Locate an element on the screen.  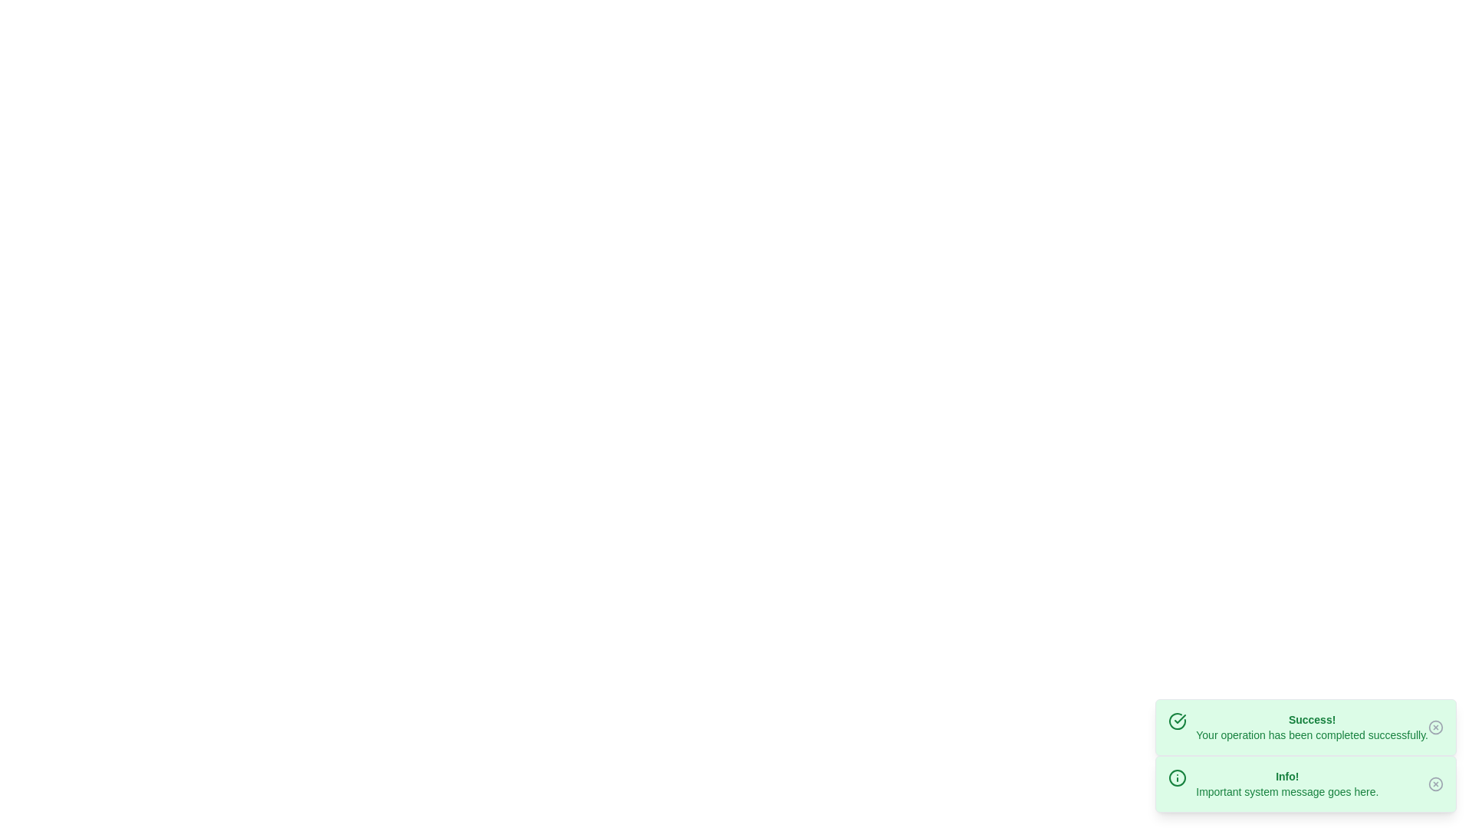
close button of the notification to dismiss it is located at coordinates (1434, 726).